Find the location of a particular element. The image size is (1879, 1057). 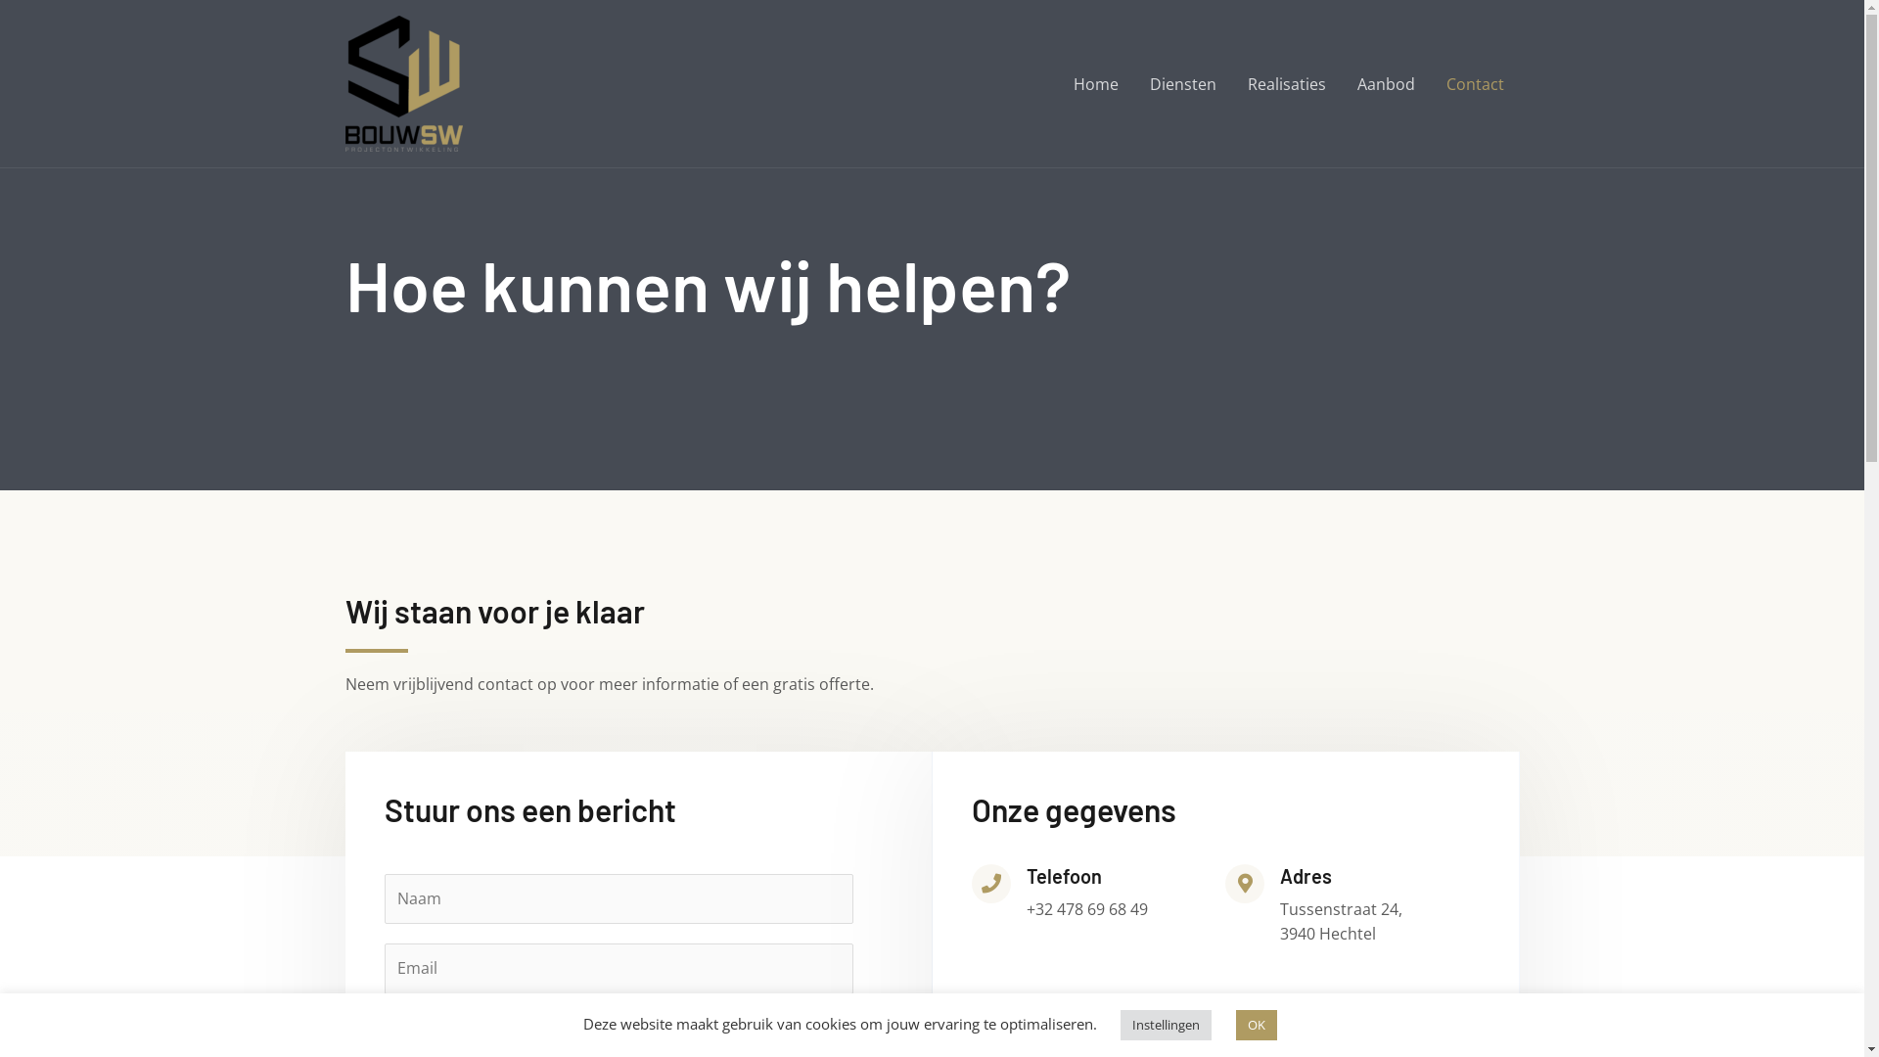

'Home' is located at coordinates (1093, 81).